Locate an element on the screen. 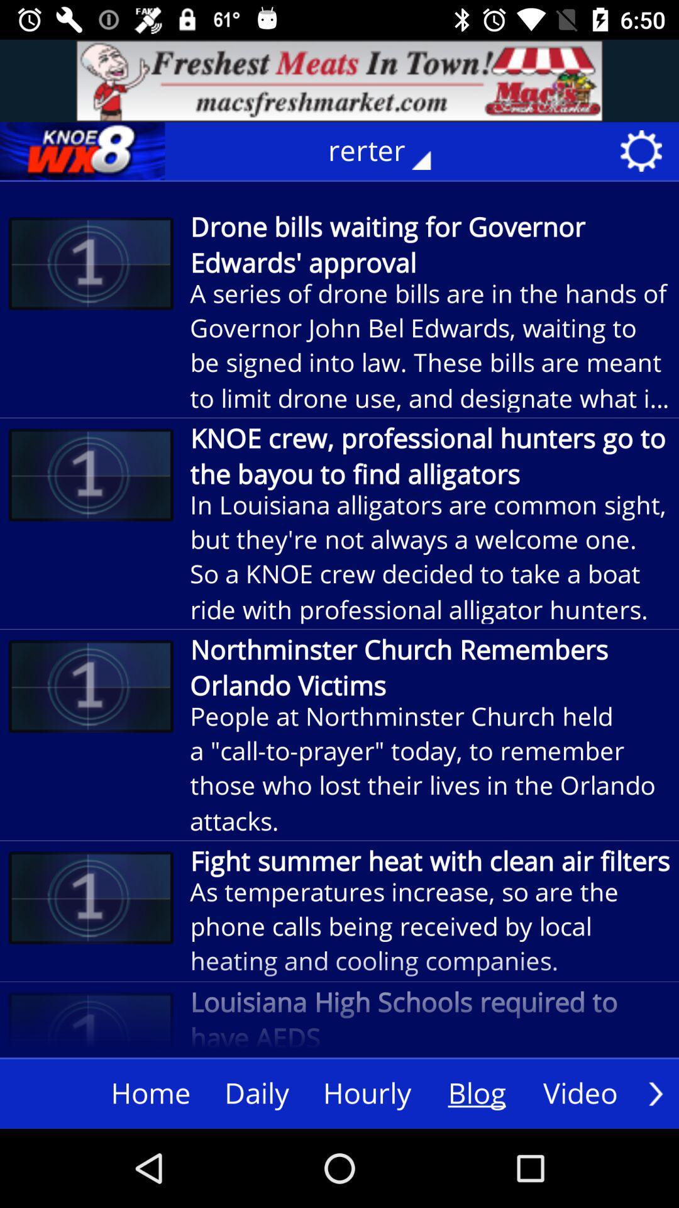  move next is located at coordinates (655, 1093).